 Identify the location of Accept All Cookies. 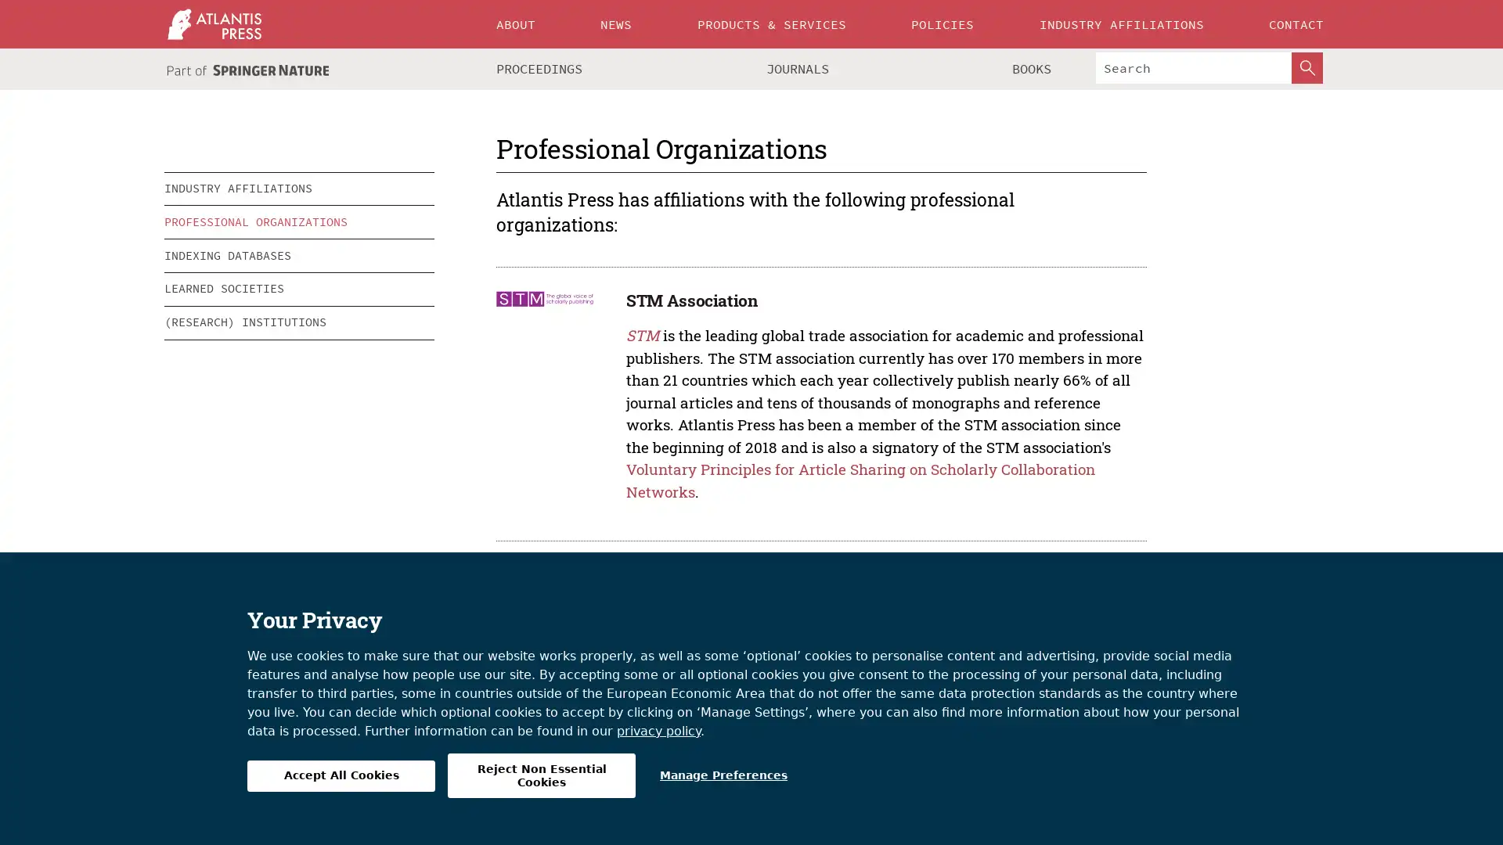
(341, 775).